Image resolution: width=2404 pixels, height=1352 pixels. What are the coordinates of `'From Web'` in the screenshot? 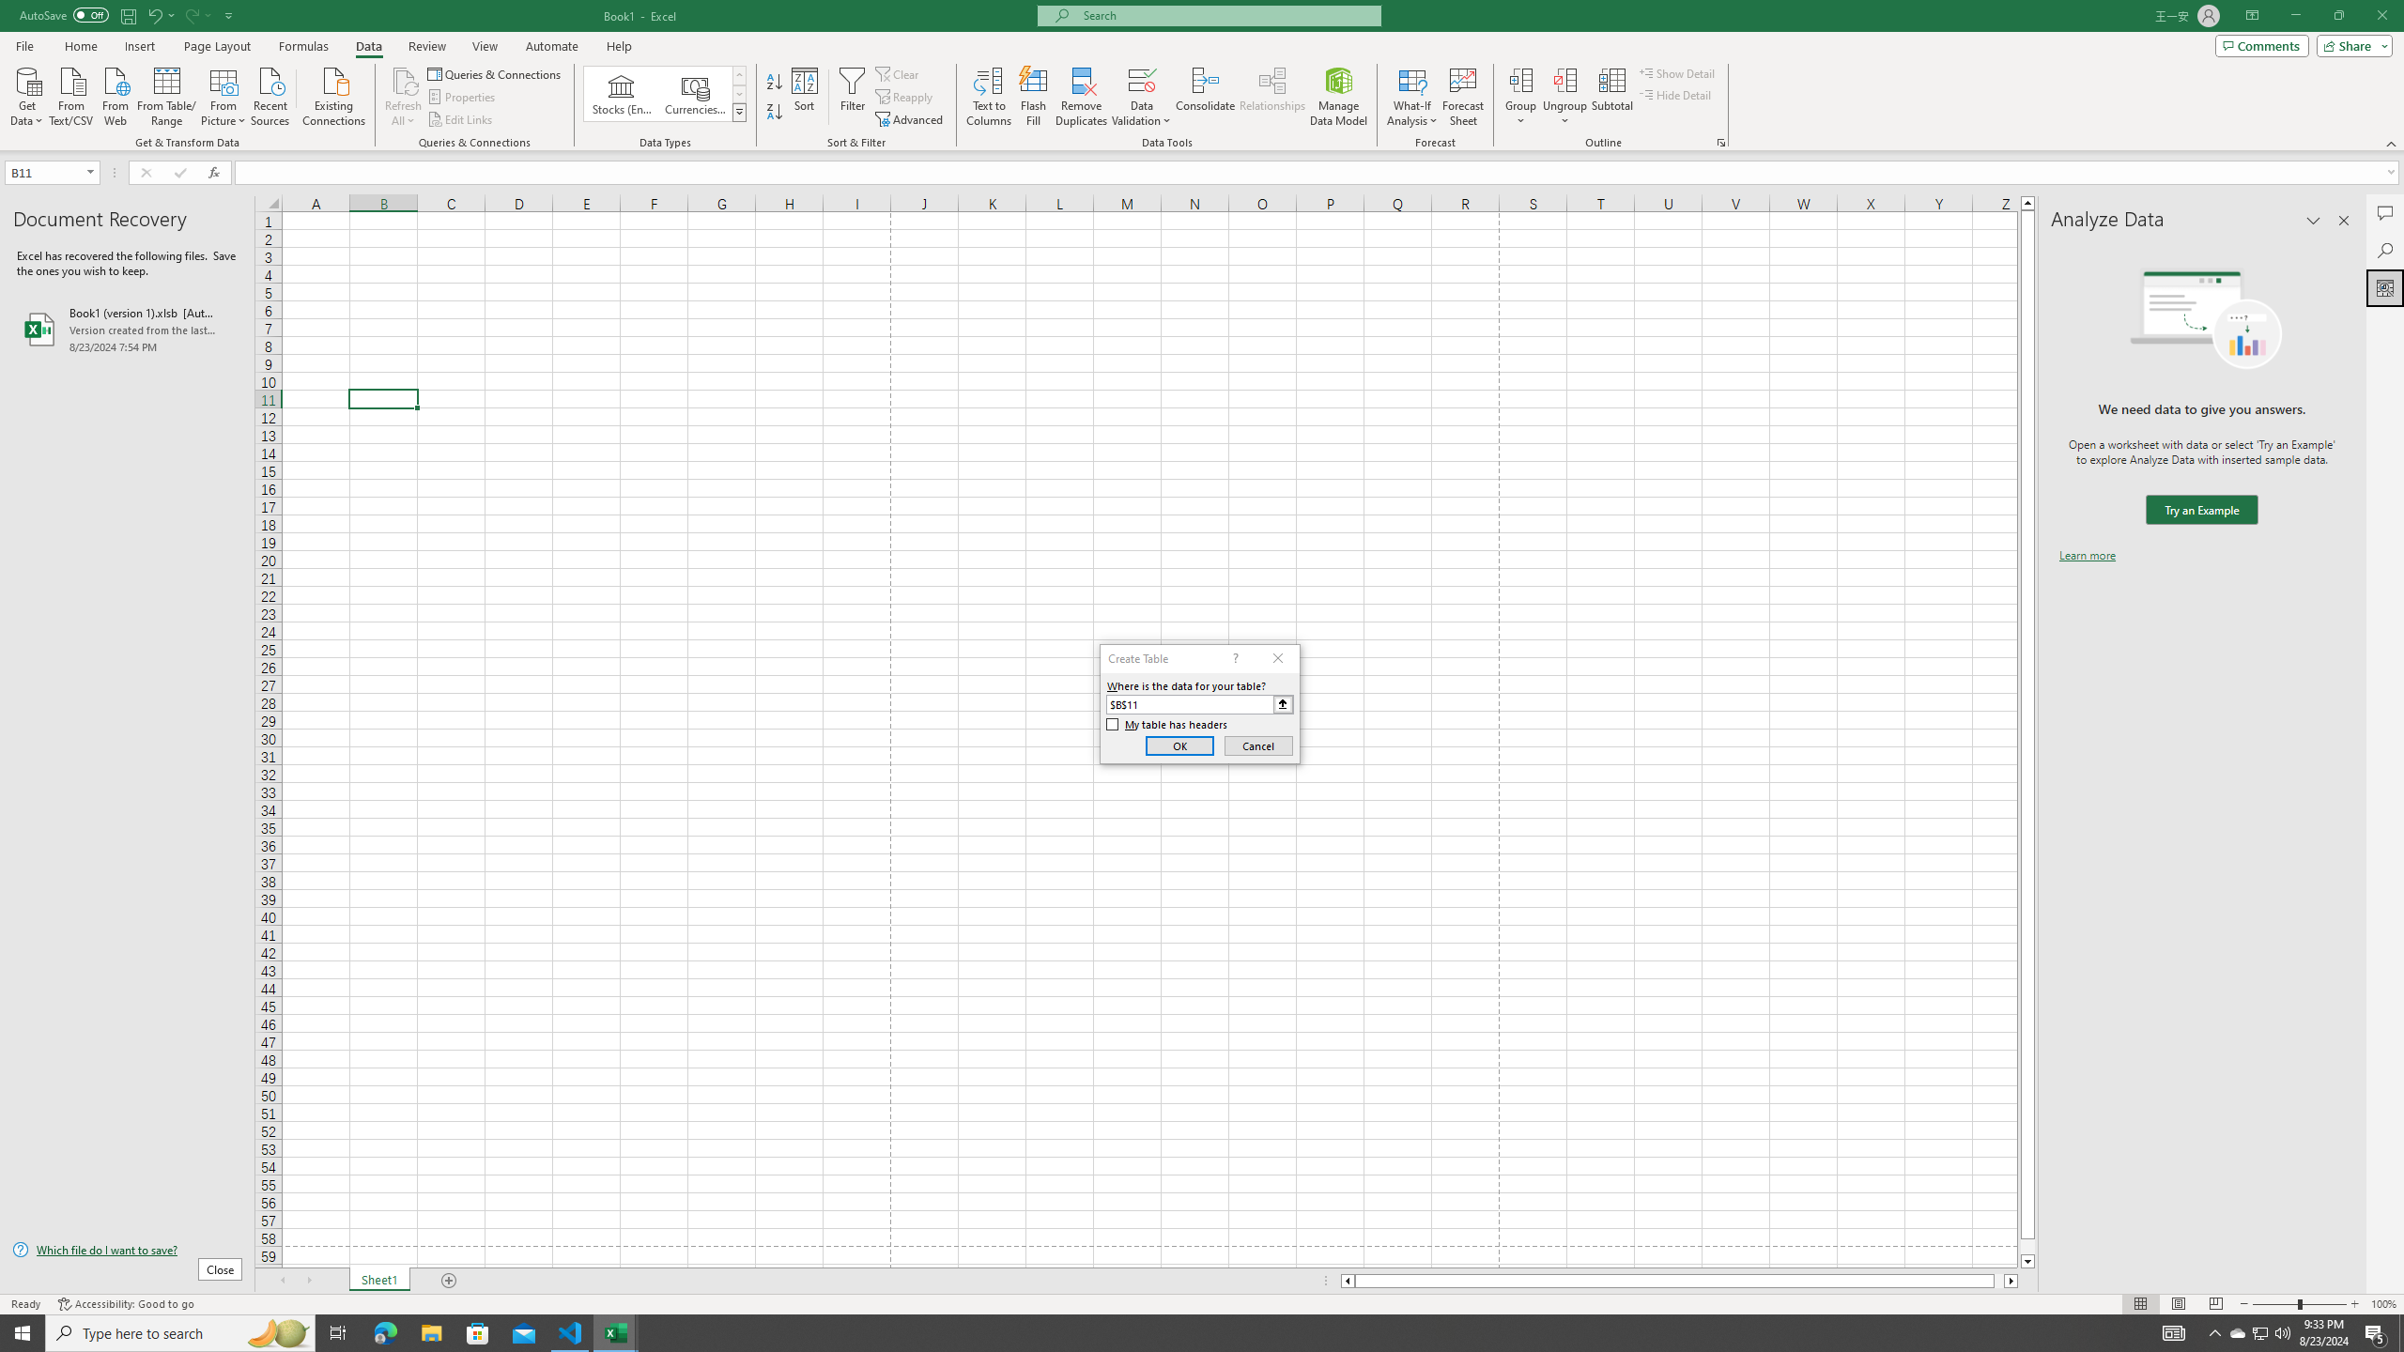 It's located at (115, 94).